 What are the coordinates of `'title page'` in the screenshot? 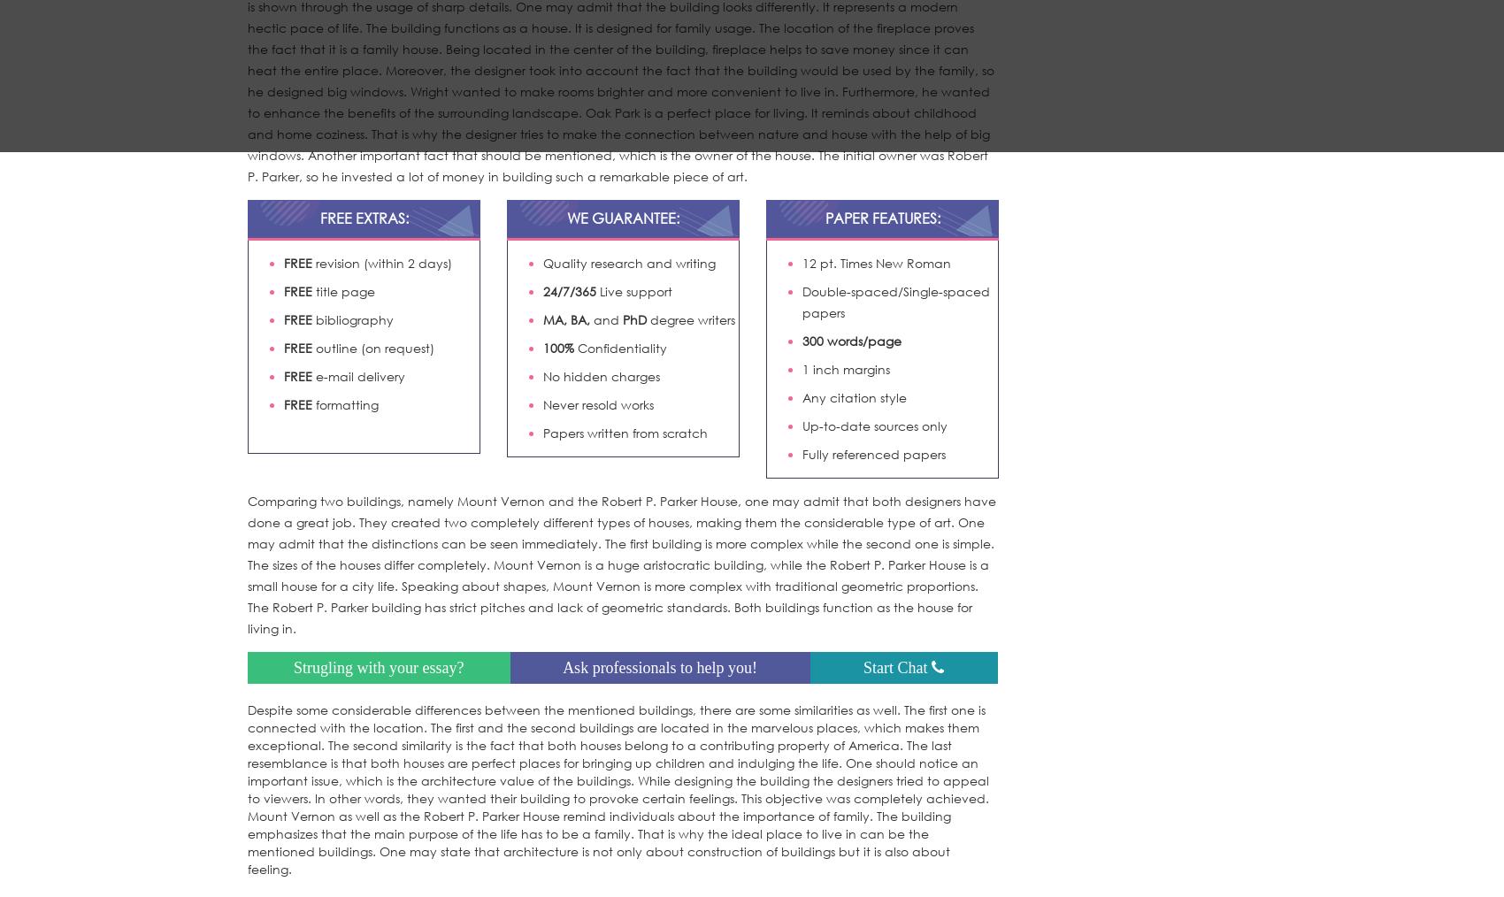 It's located at (342, 290).